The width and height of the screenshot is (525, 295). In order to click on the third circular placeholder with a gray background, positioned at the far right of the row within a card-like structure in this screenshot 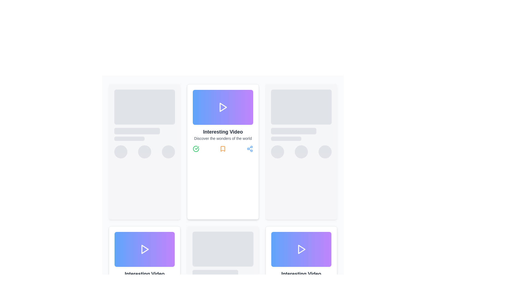, I will do `click(325, 152)`.